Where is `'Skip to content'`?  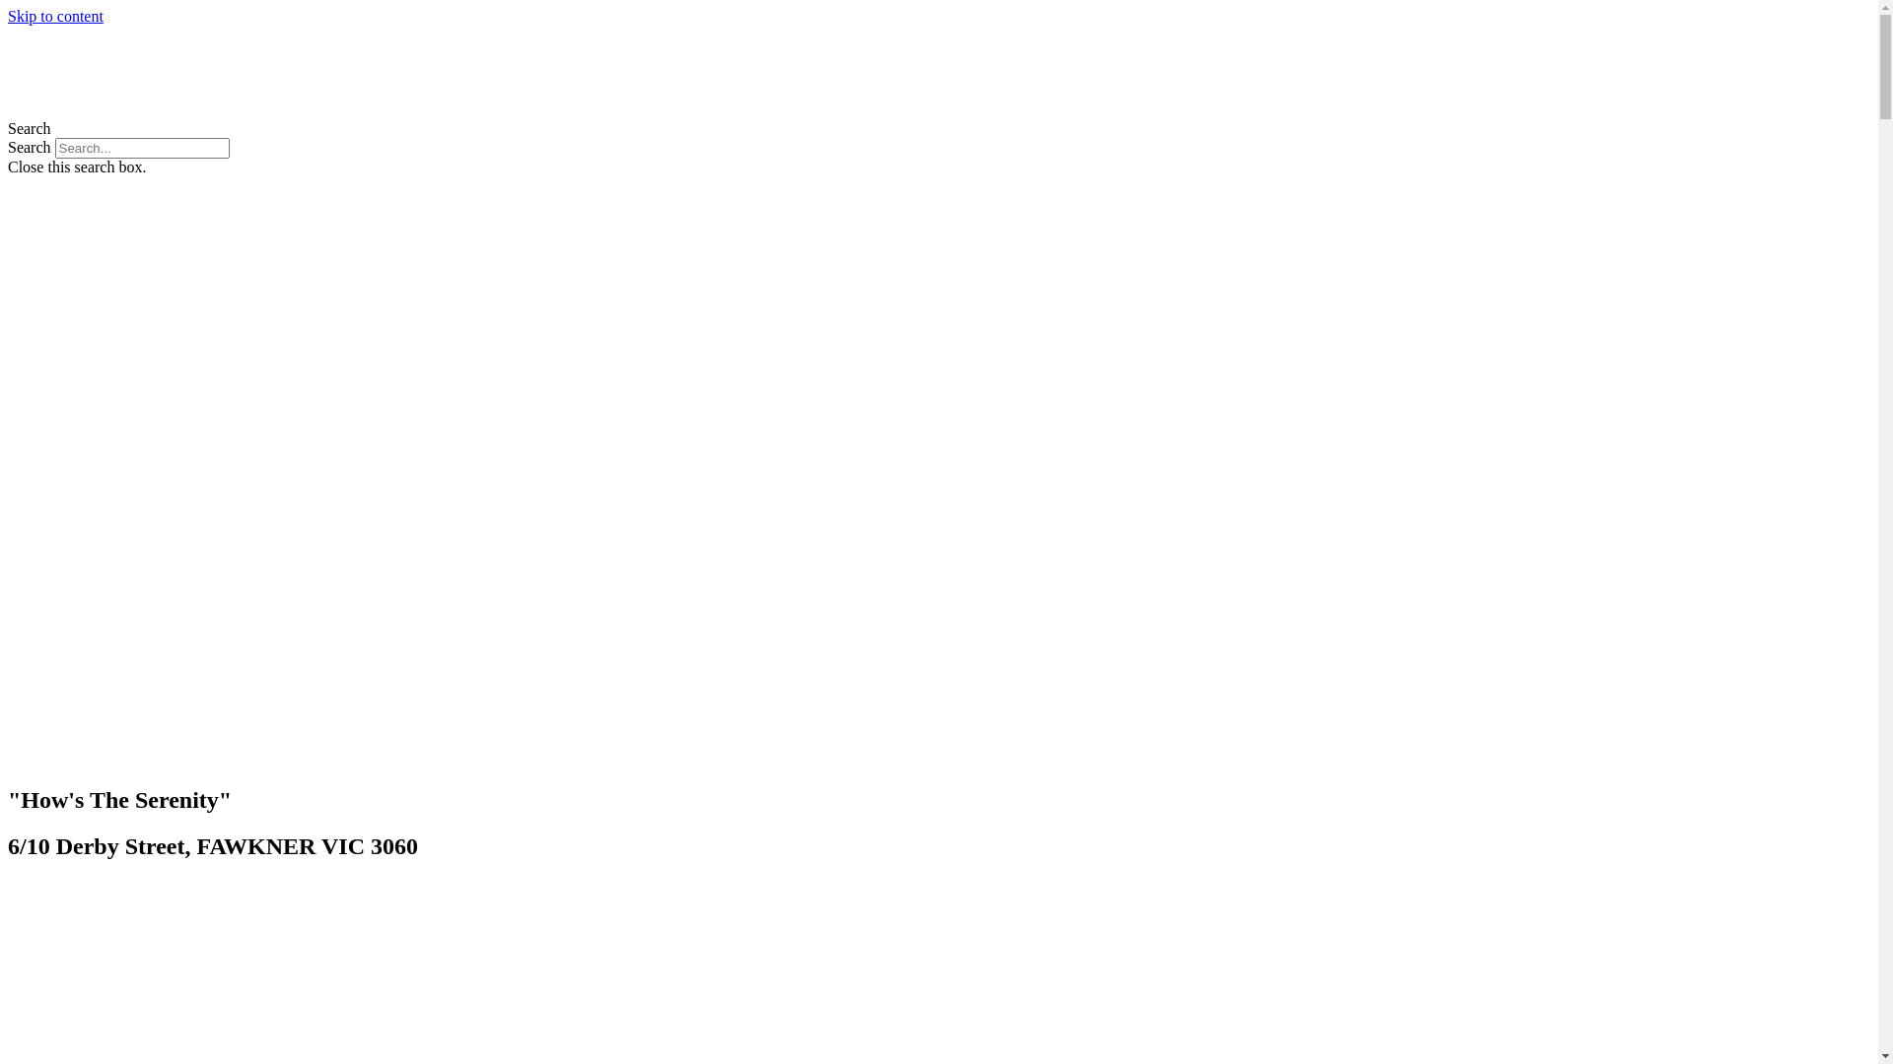
'Skip to content' is located at coordinates (55, 16).